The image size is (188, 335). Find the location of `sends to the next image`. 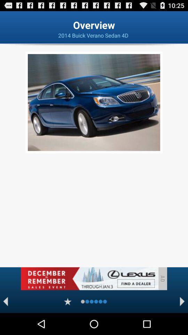

sends to the next image is located at coordinates (182, 301).